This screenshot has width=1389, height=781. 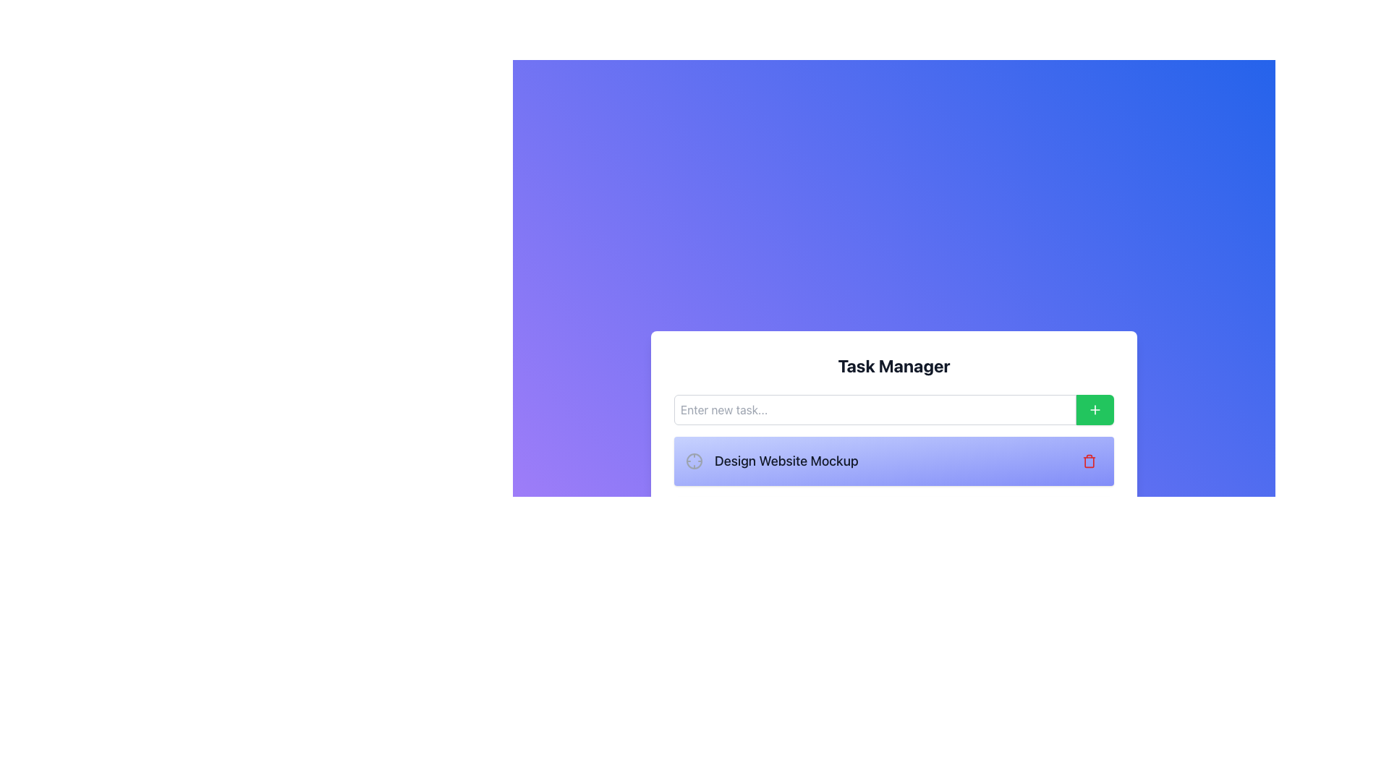 I want to click on the text label reading 'Design Website Mockup', so click(x=786, y=461).